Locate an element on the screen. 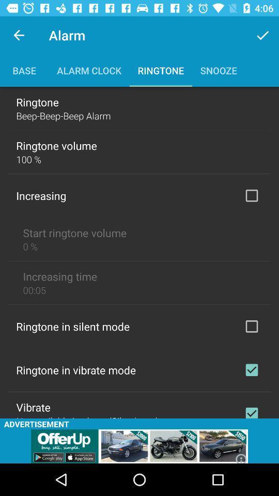 This screenshot has height=496, width=279. choose is located at coordinates (251, 326).